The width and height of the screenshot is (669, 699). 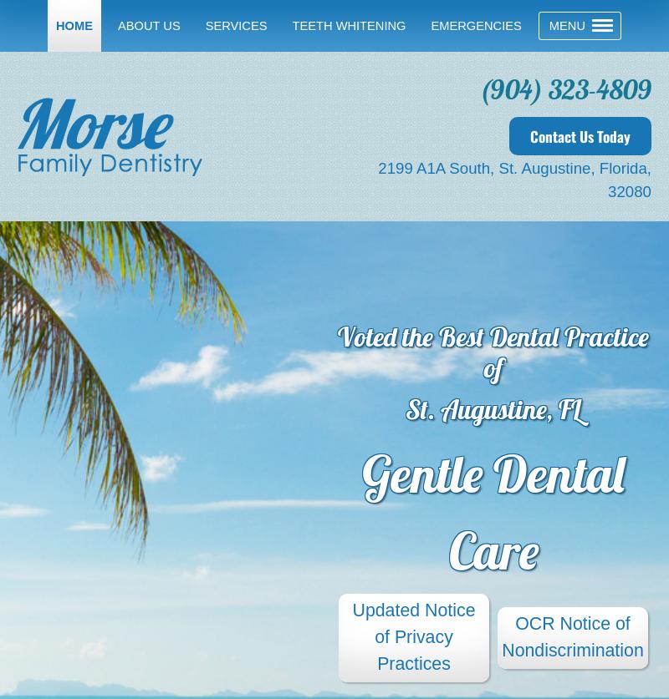 What do you see at coordinates (236, 25) in the screenshot?
I see `'Services'` at bounding box center [236, 25].